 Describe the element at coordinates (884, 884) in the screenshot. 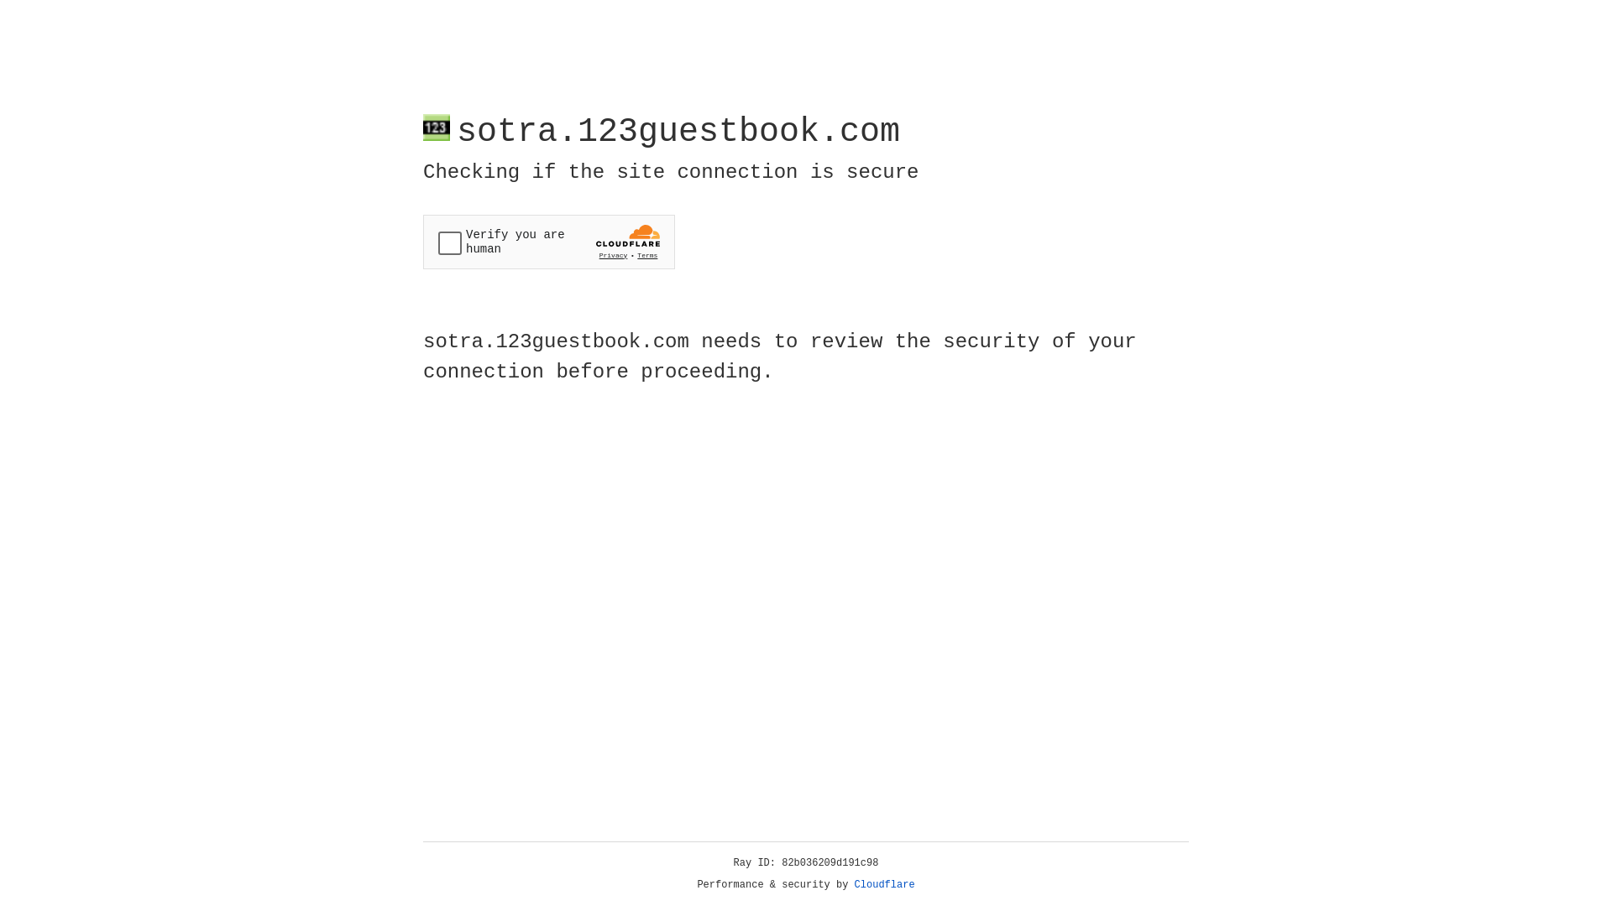

I see `'Cloudflare'` at that location.